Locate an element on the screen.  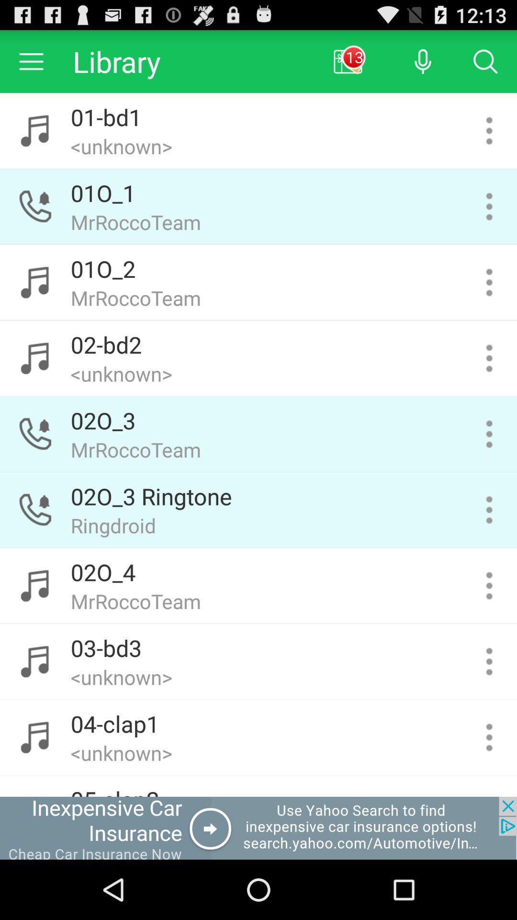
page actions is located at coordinates (489, 434).